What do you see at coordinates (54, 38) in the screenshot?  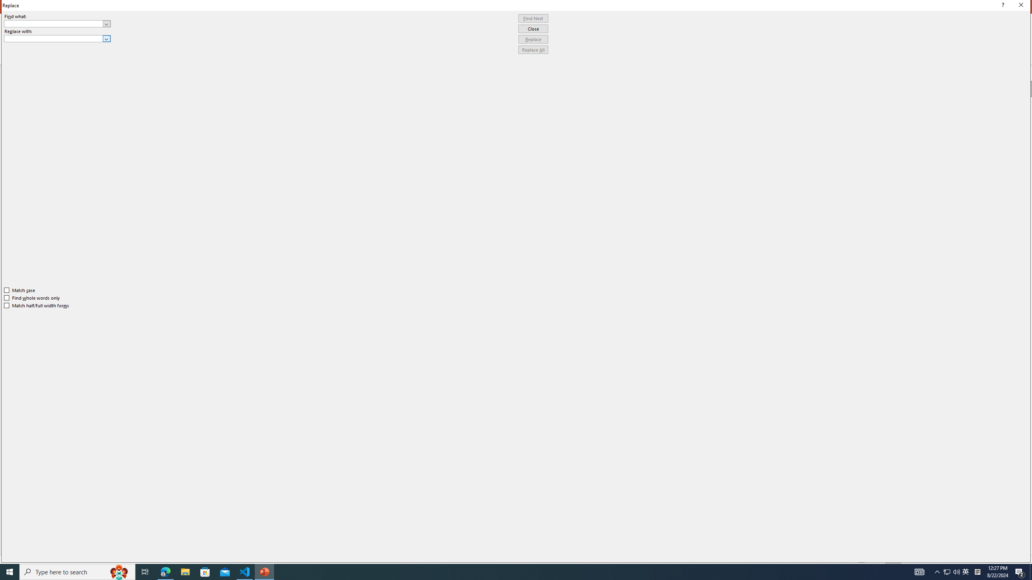 I see `'Replace with'` at bounding box center [54, 38].